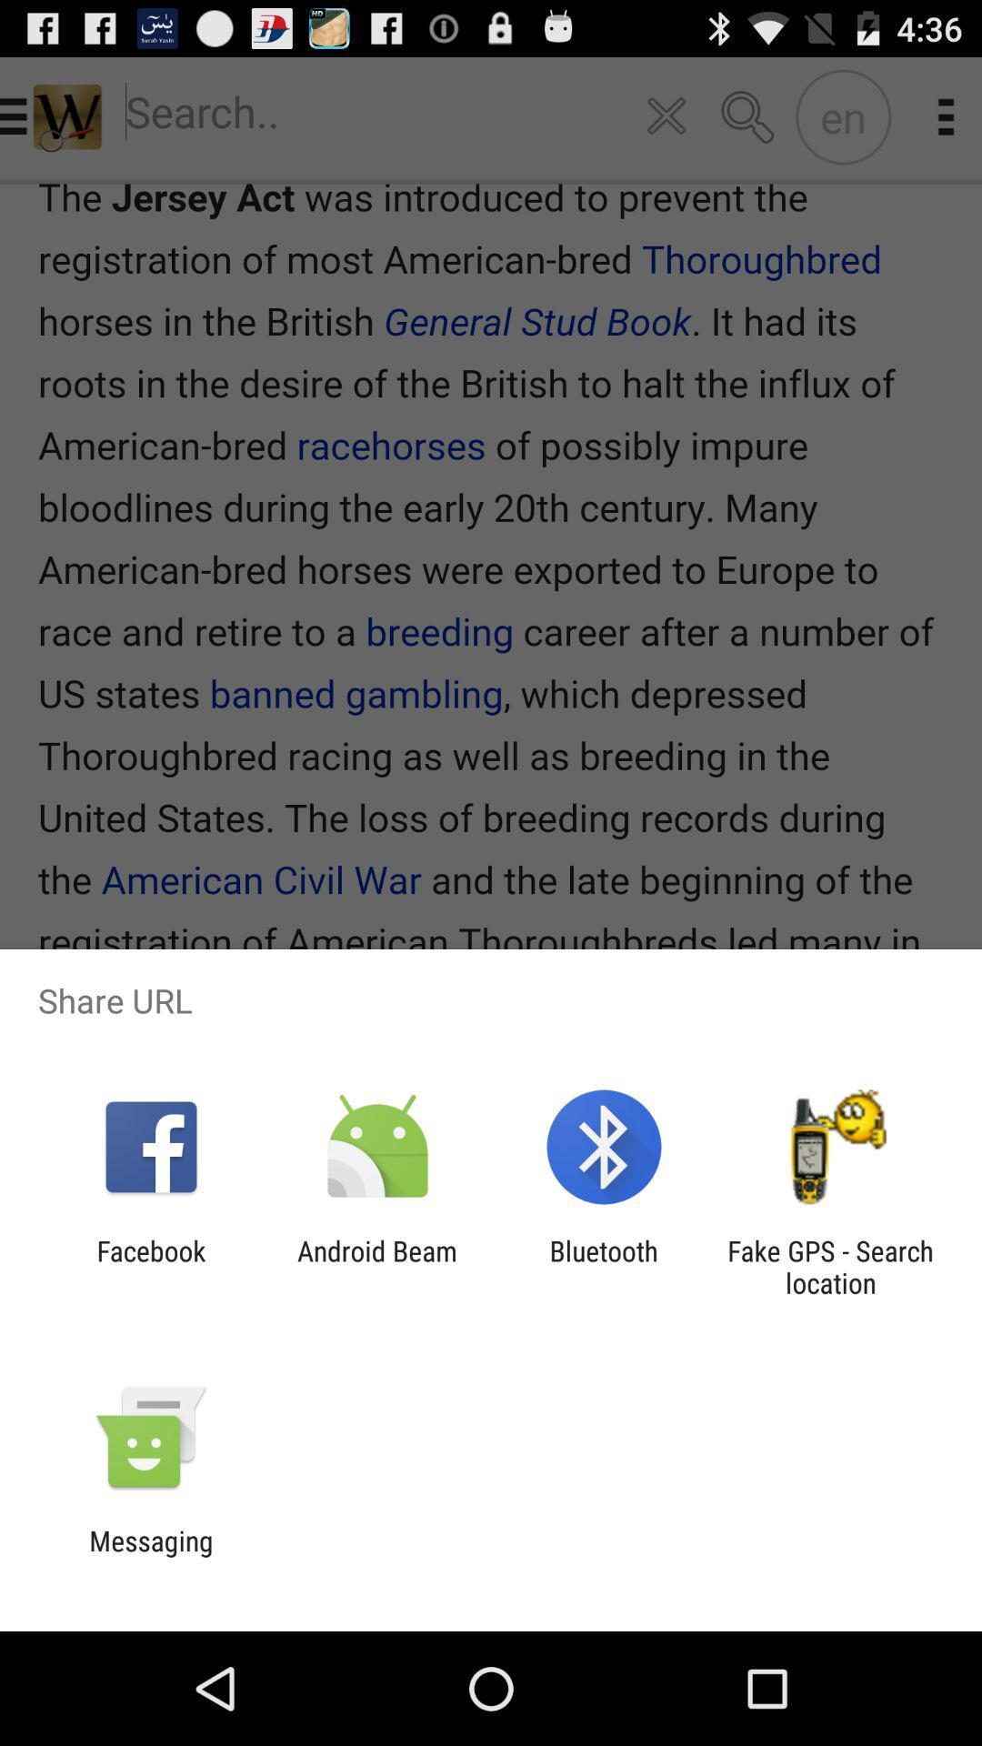 Image resolution: width=982 pixels, height=1746 pixels. I want to click on the item to the right of the android beam icon, so click(604, 1266).